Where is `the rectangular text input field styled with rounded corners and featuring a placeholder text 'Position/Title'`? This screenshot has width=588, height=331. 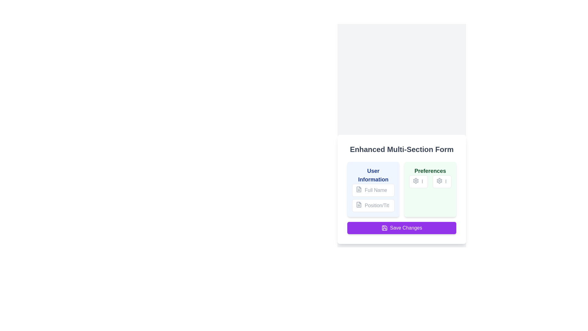 the rectangular text input field styled with rounded corners and featuring a placeholder text 'Position/Title' is located at coordinates (373, 206).